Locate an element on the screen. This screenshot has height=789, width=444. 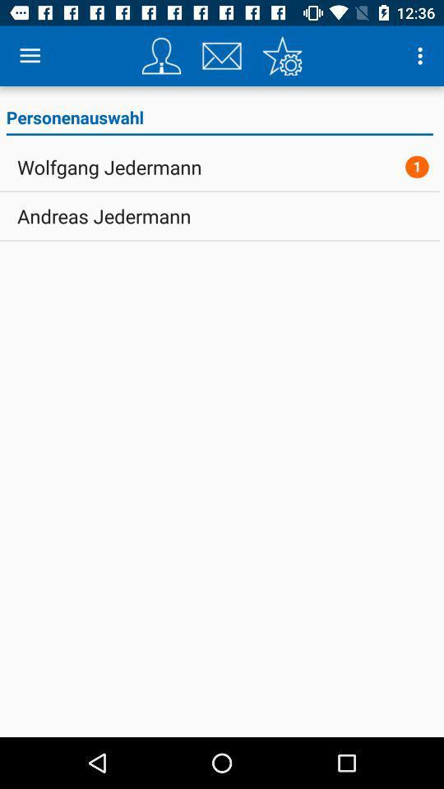
icon next to wolfgang jedermann item is located at coordinates (417, 167).